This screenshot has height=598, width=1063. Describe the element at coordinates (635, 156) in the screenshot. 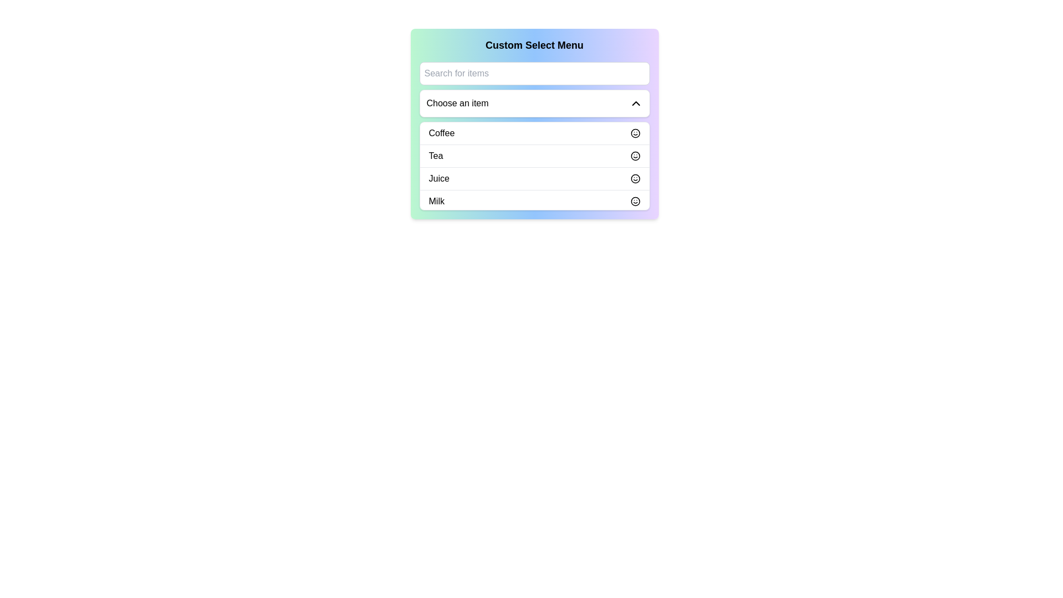

I see `the circular graphic element of the smile icon, which is positioned to the right of the 'Tea' item in the list` at that location.